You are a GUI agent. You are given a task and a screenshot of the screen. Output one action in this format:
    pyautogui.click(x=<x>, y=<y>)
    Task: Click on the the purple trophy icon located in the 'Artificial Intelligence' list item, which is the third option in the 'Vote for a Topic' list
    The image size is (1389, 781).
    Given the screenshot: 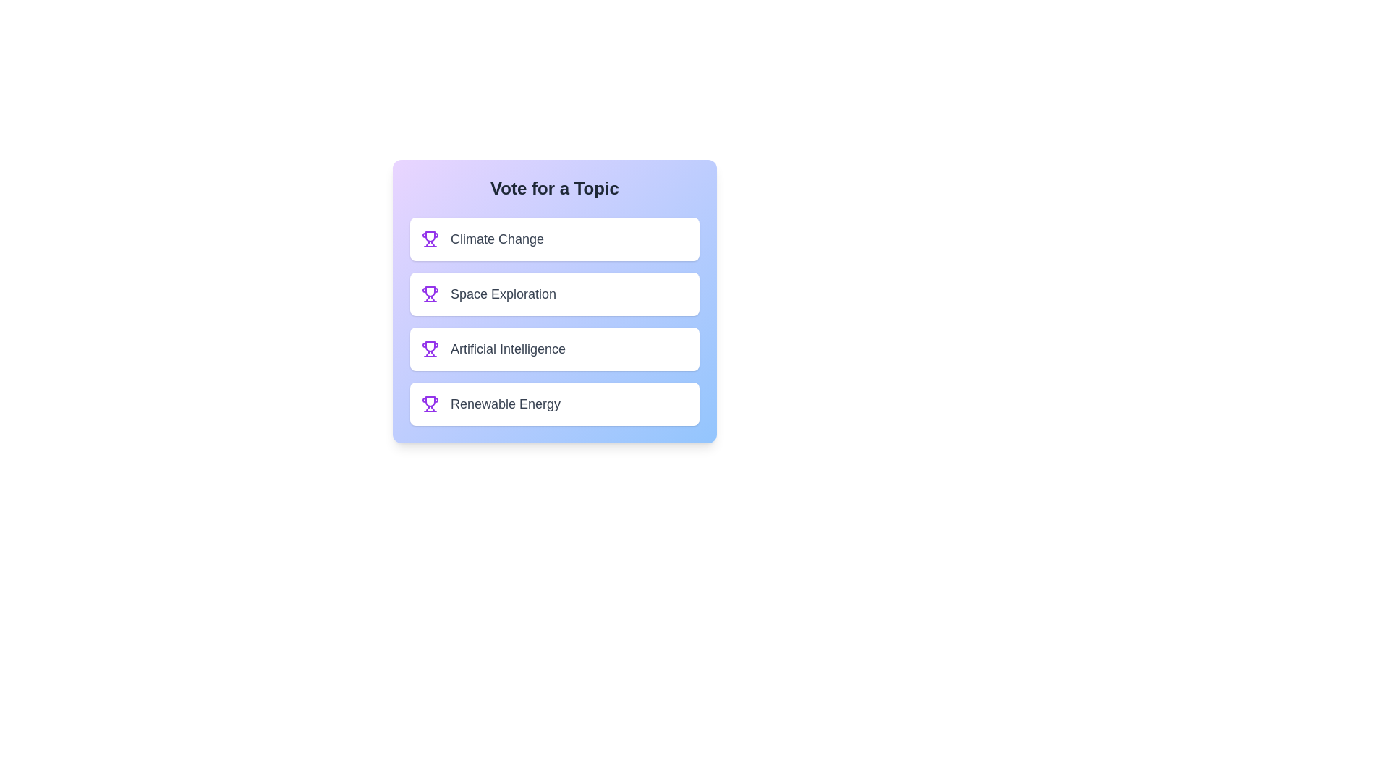 What is the action you would take?
    pyautogui.click(x=430, y=346)
    